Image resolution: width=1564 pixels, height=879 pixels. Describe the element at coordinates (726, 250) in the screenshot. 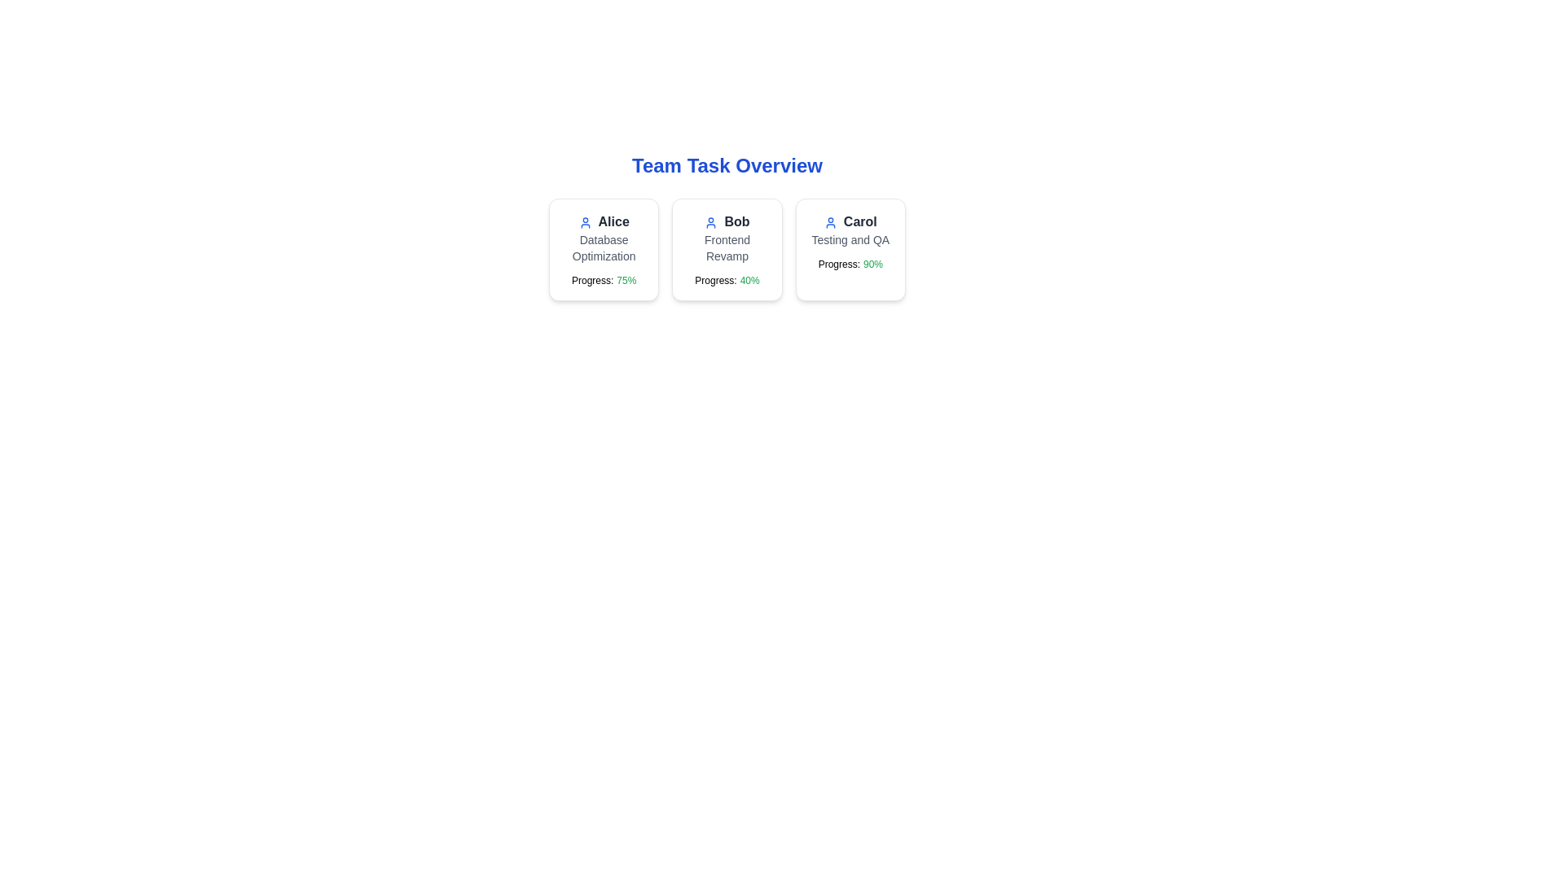

I see `the task card for BobFrontend Revamp` at that location.